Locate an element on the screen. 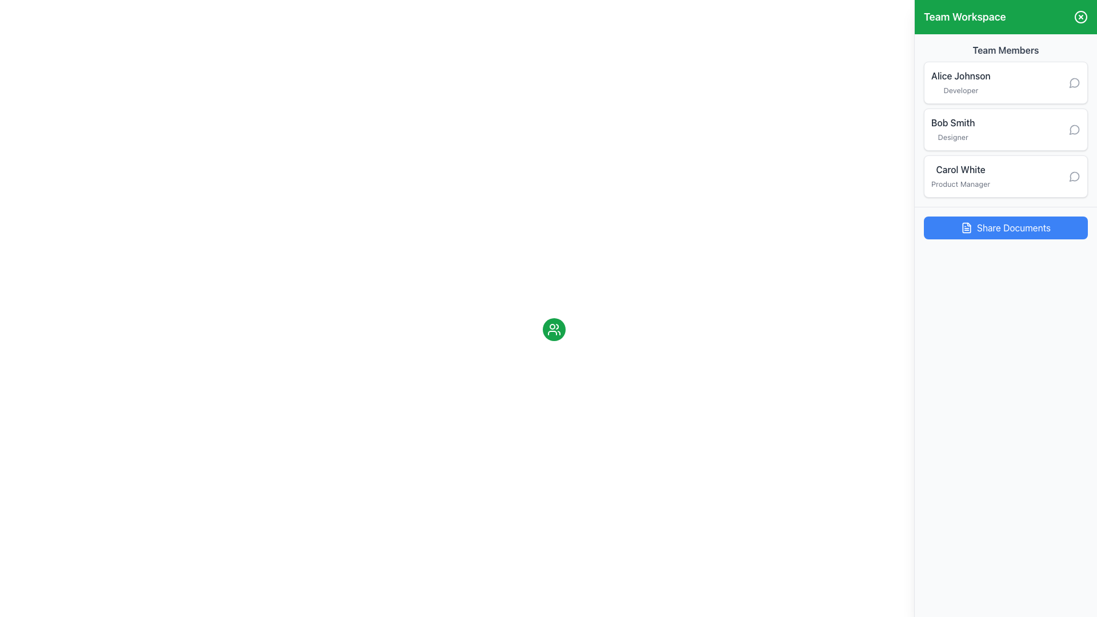 The image size is (1097, 617). information displayed on the text label showing 'Bob Smith' and 'Designer' within the user card in the 'Team Members' section is located at coordinates (953, 129).